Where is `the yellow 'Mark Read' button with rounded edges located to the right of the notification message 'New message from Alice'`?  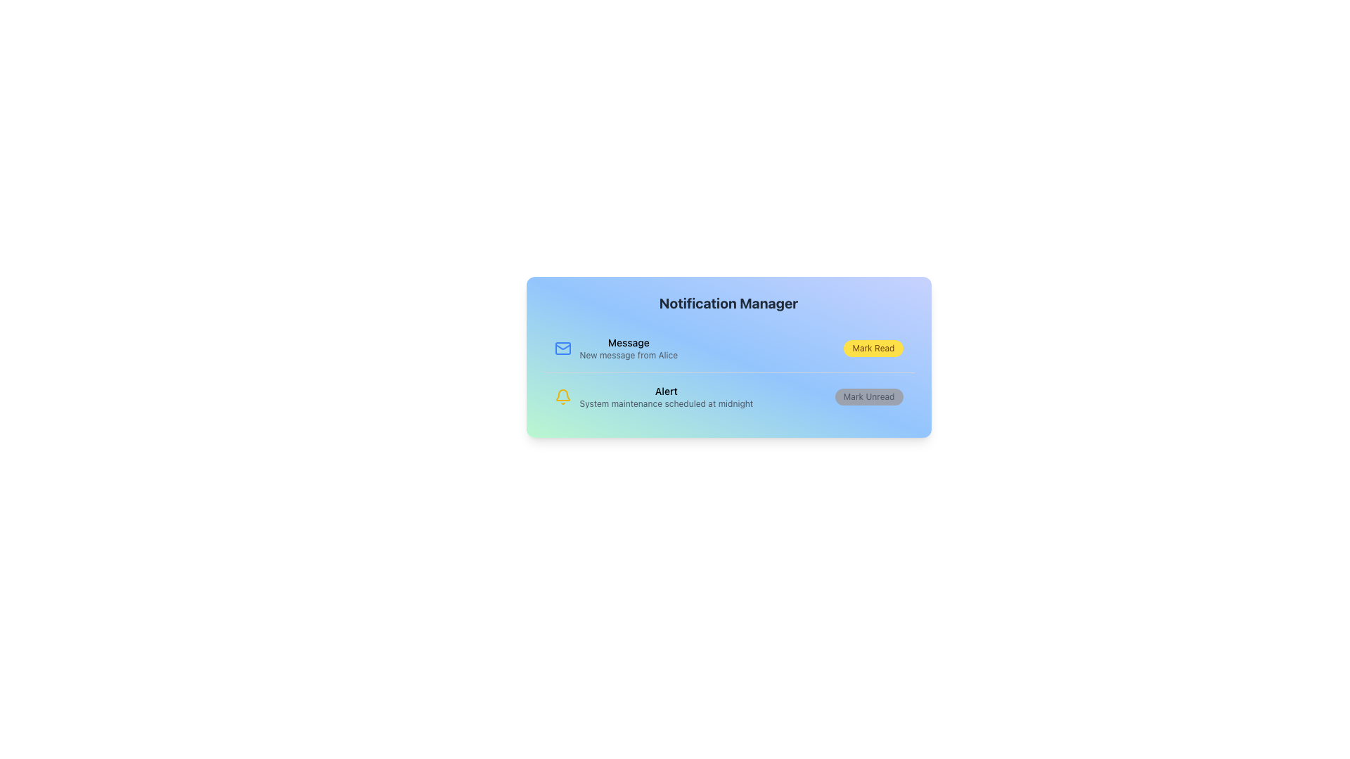
the yellow 'Mark Read' button with rounded edges located to the right of the notification message 'New message from Alice' is located at coordinates (873, 348).